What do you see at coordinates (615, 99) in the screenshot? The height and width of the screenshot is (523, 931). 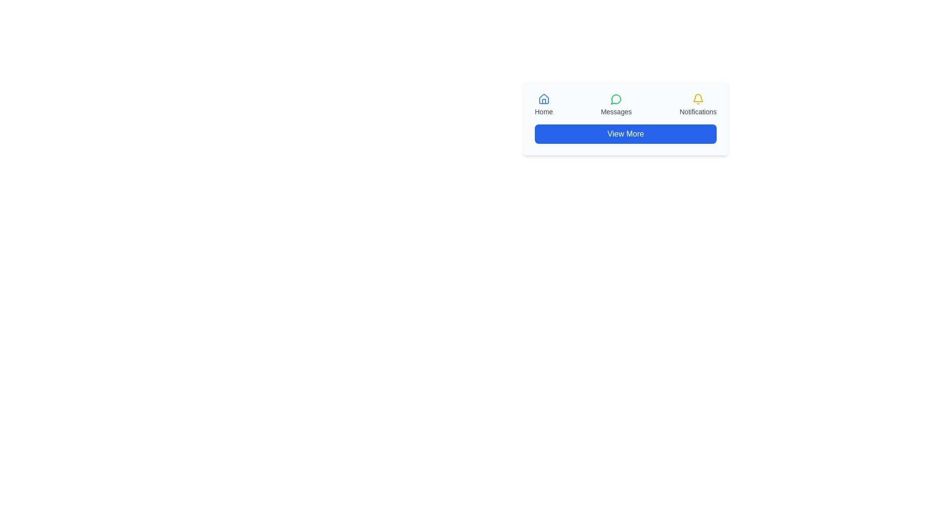 I see `the 'Messages' icon located in the central section of three icons` at bounding box center [615, 99].